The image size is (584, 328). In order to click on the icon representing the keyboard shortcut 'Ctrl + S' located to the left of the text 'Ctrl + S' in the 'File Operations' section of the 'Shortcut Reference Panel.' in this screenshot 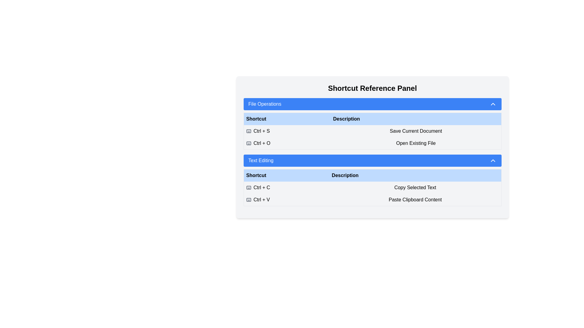, I will do `click(249, 131)`.